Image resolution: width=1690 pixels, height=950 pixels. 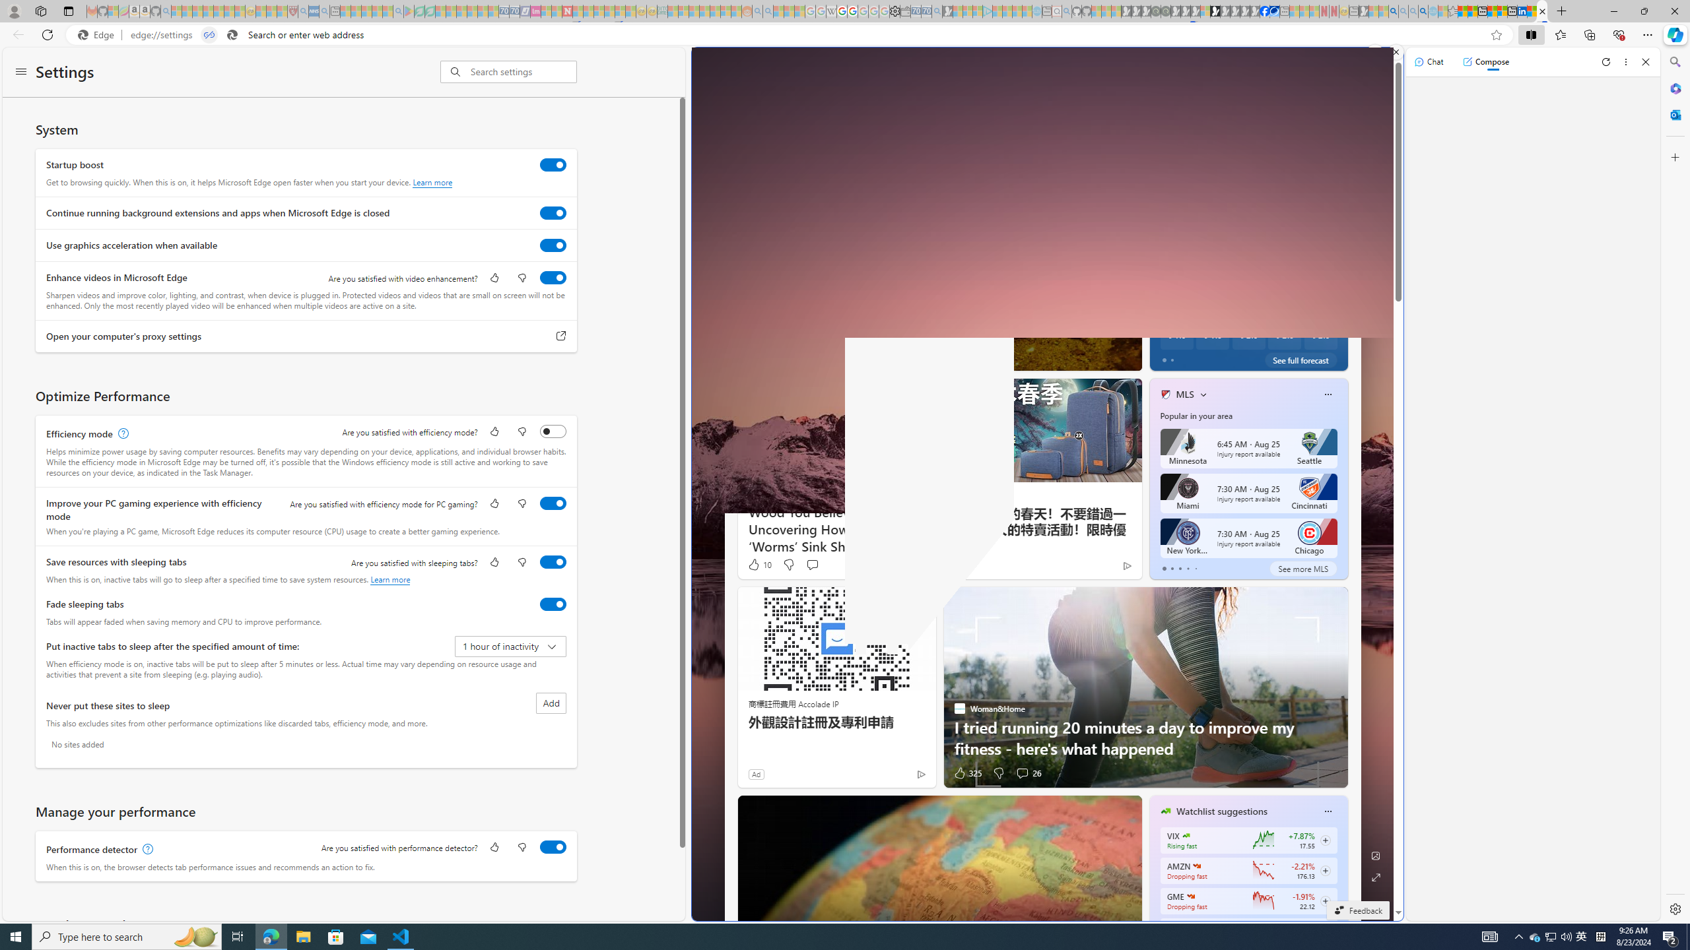 I want to click on 'AutomationID: tab-26', so click(x=969, y=357).